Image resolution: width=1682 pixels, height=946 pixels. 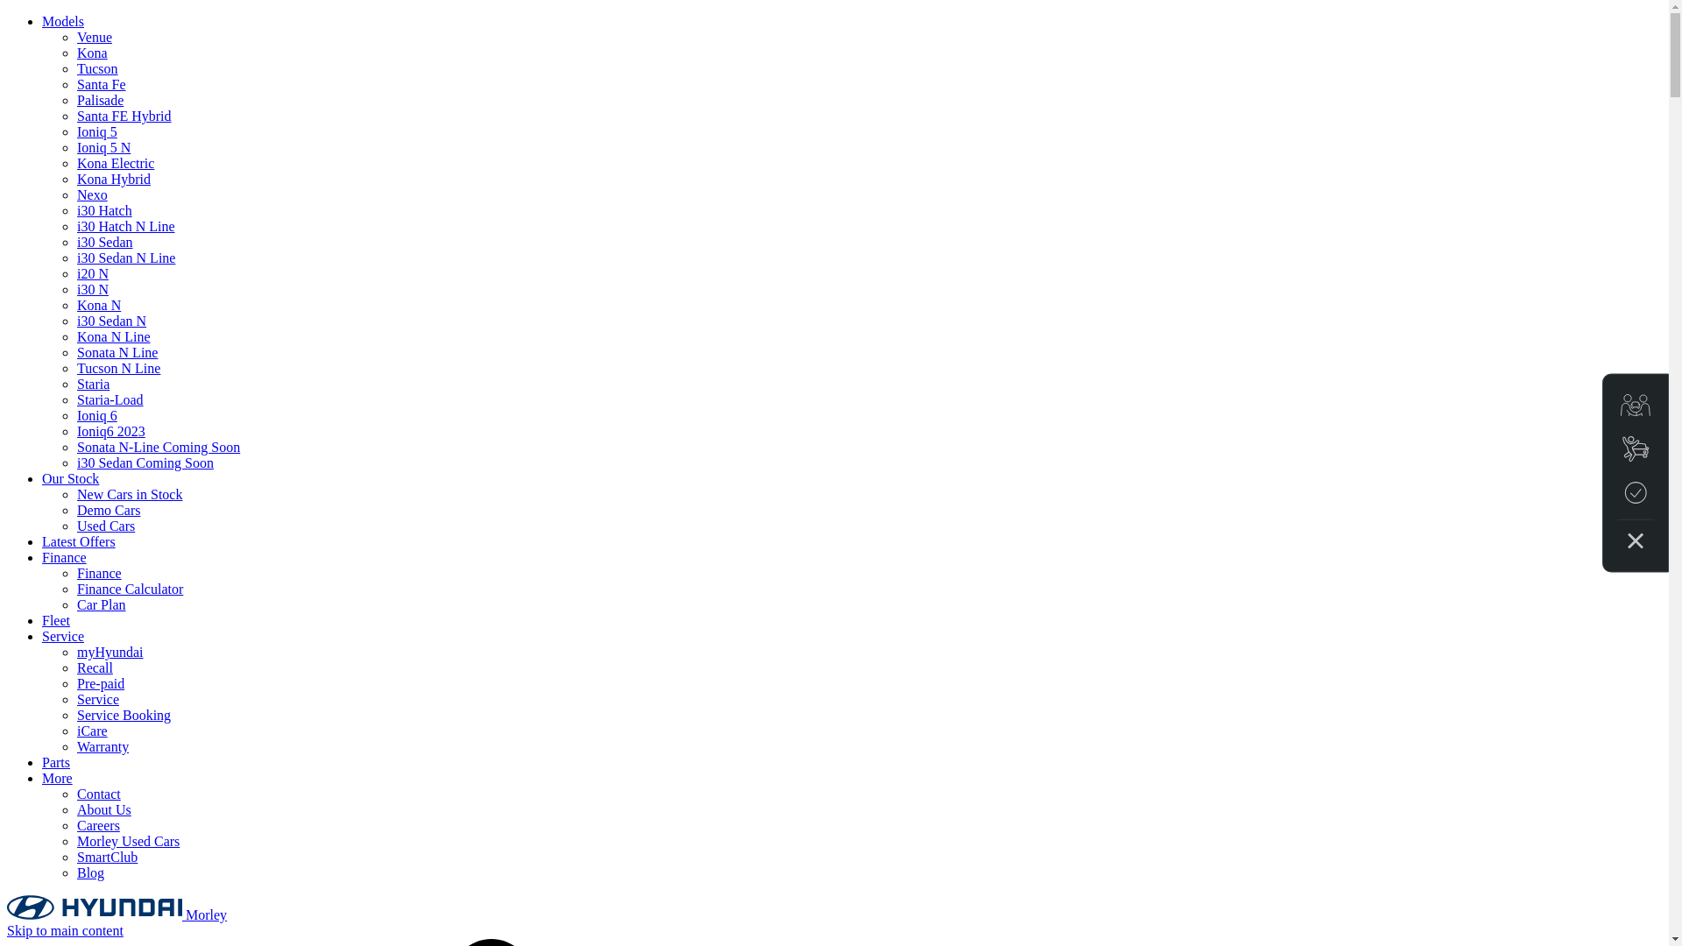 I want to click on 'i30 Sedan Coming Soon', so click(x=145, y=462).